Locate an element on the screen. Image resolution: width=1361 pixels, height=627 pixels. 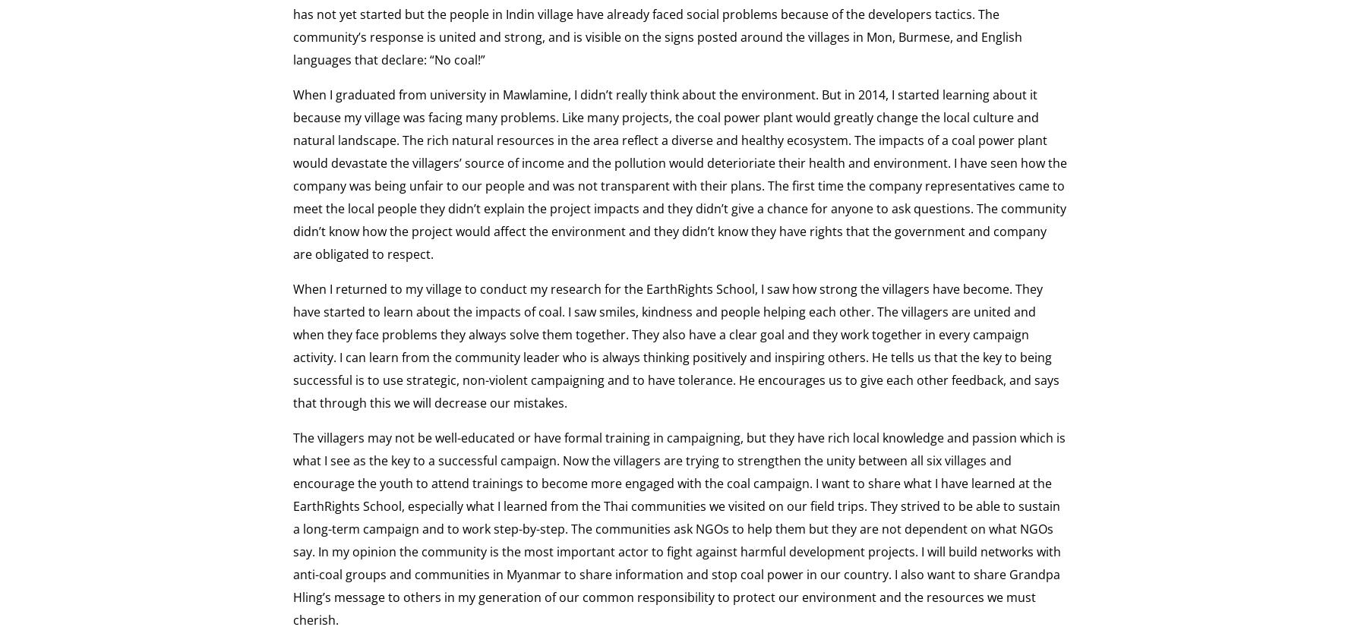
'Events' is located at coordinates (531, 158).